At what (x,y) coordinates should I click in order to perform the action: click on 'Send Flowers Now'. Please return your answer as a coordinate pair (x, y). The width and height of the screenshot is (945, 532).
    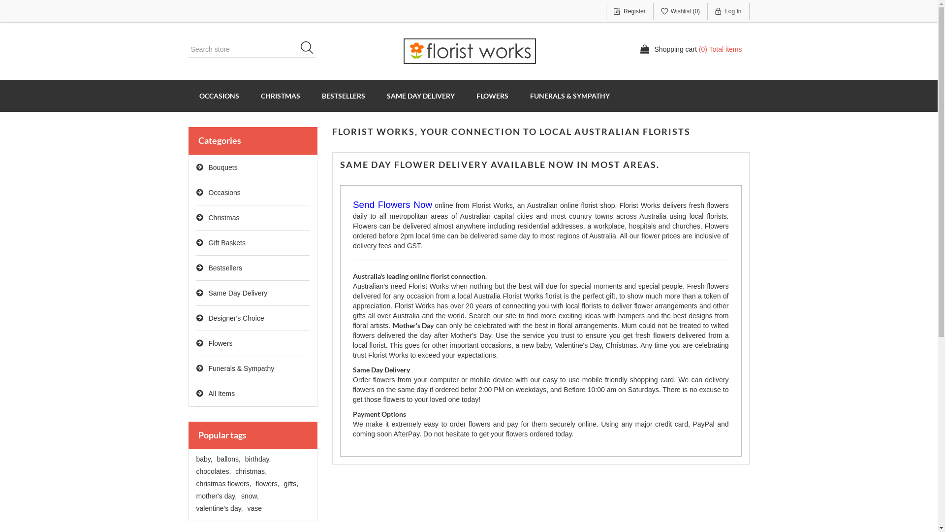
    Looking at the image, I should click on (392, 204).